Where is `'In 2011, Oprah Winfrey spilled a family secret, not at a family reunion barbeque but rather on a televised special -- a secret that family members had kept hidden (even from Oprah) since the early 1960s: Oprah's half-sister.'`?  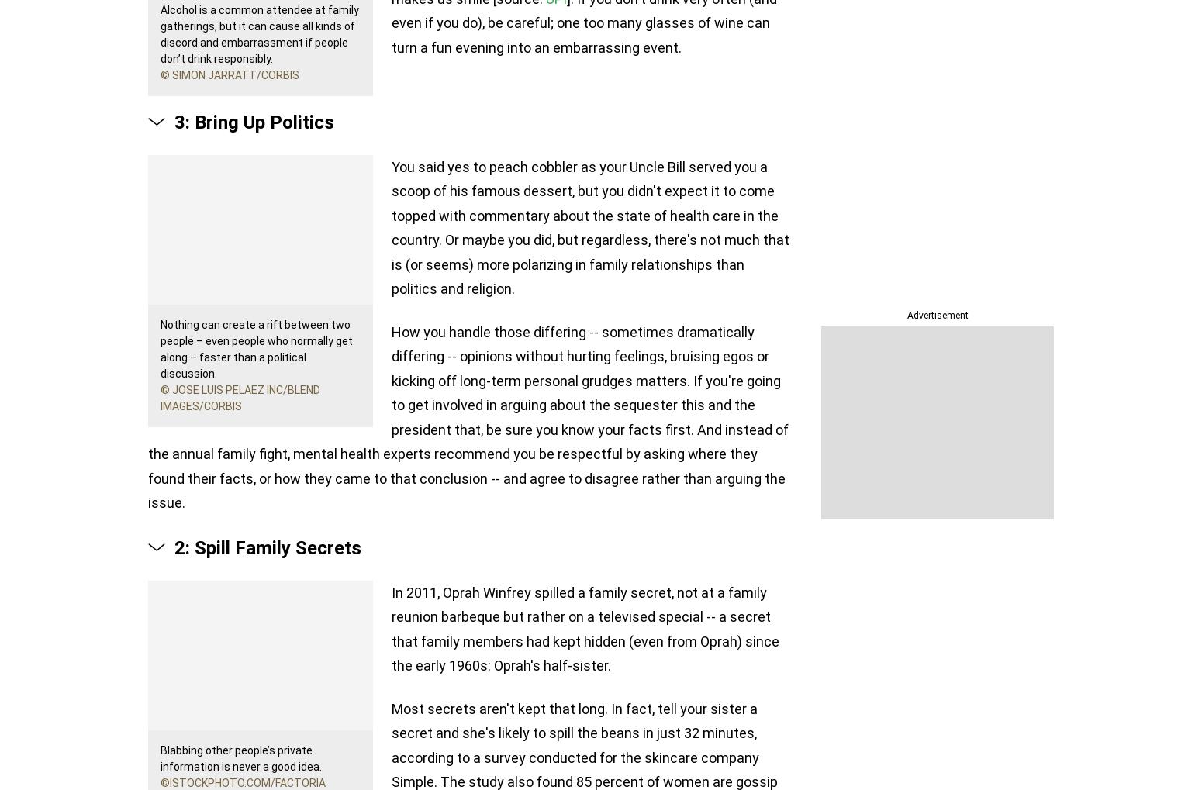 'In 2011, Oprah Winfrey spilled a family secret, not at a family reunion barbeque but rather on a televised special -- a secret that family members had kept hidden (even from Oprah) since the early 1960s: Oprah's half-sister.' is located at coordinates (585, 629).